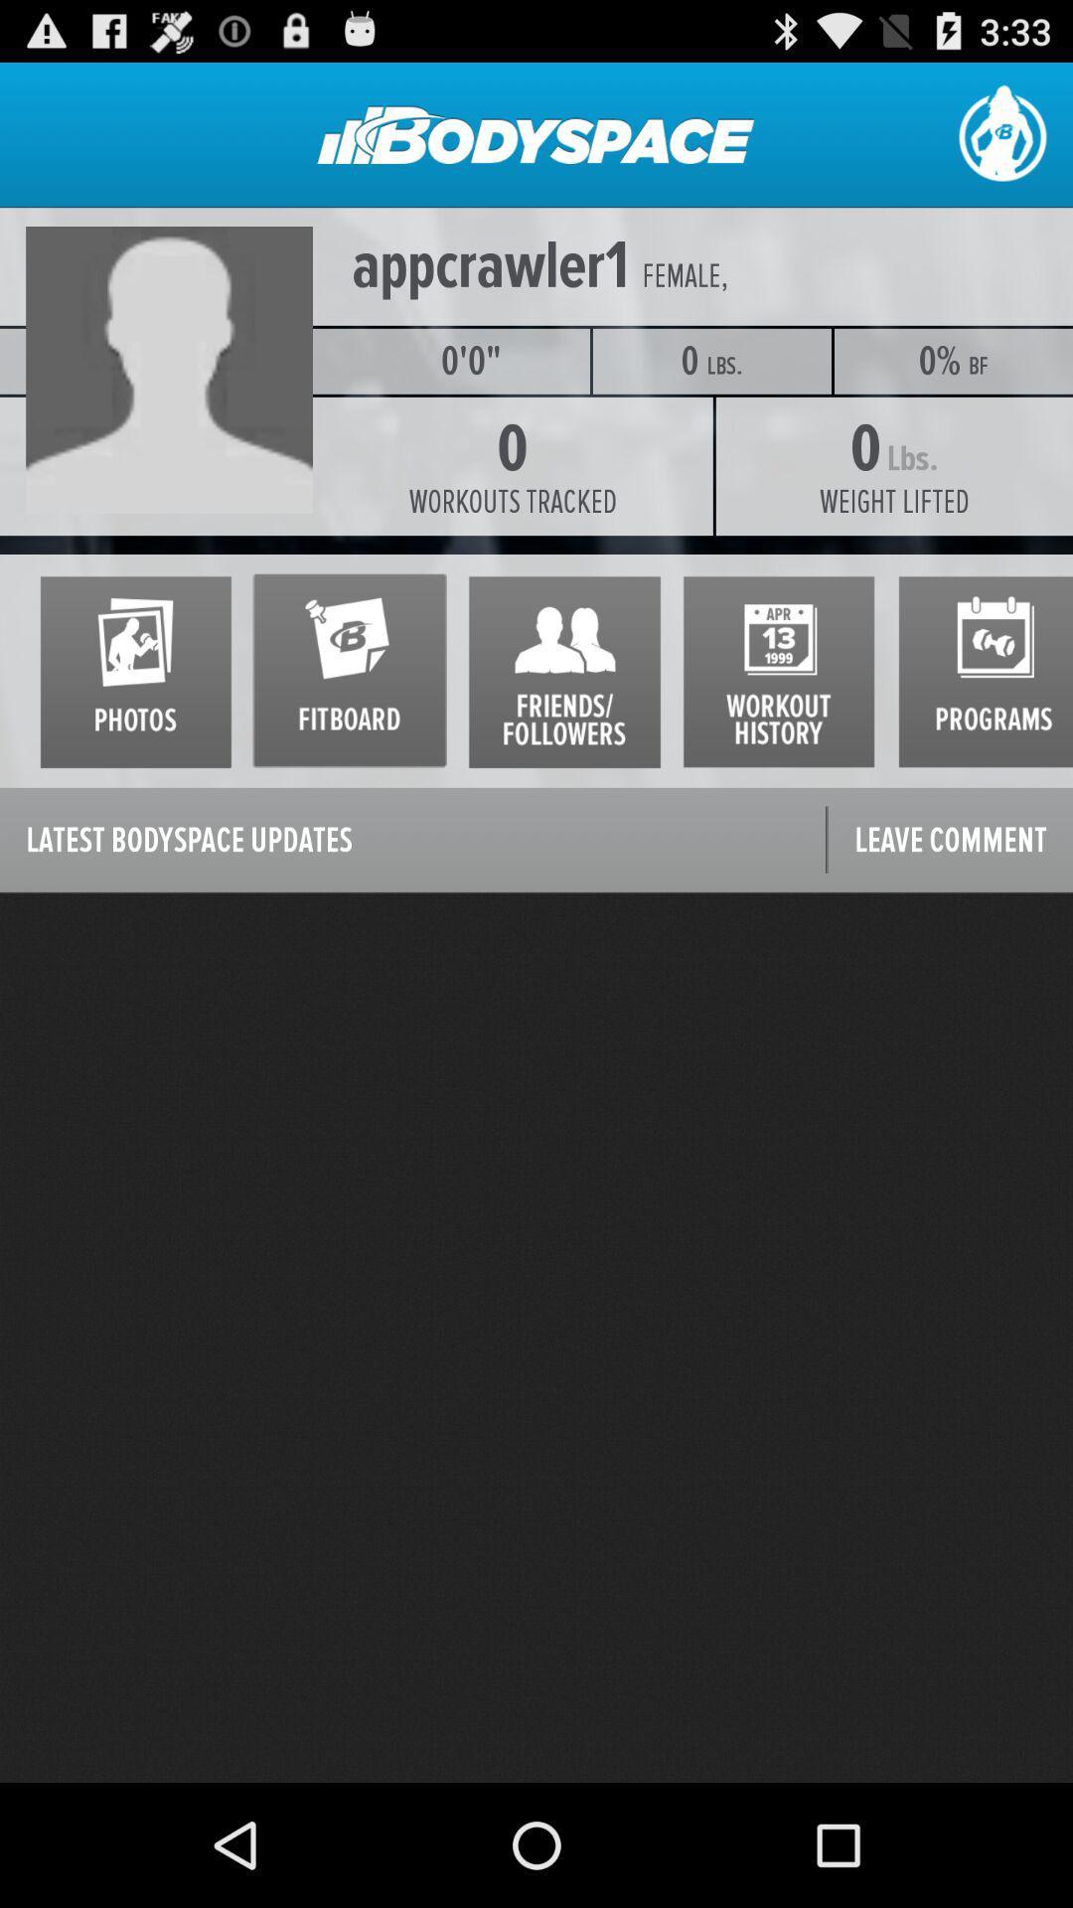  Describe the element at coordinates (894, 502) in the screenshot. I see `weight lifted icon` at that location.